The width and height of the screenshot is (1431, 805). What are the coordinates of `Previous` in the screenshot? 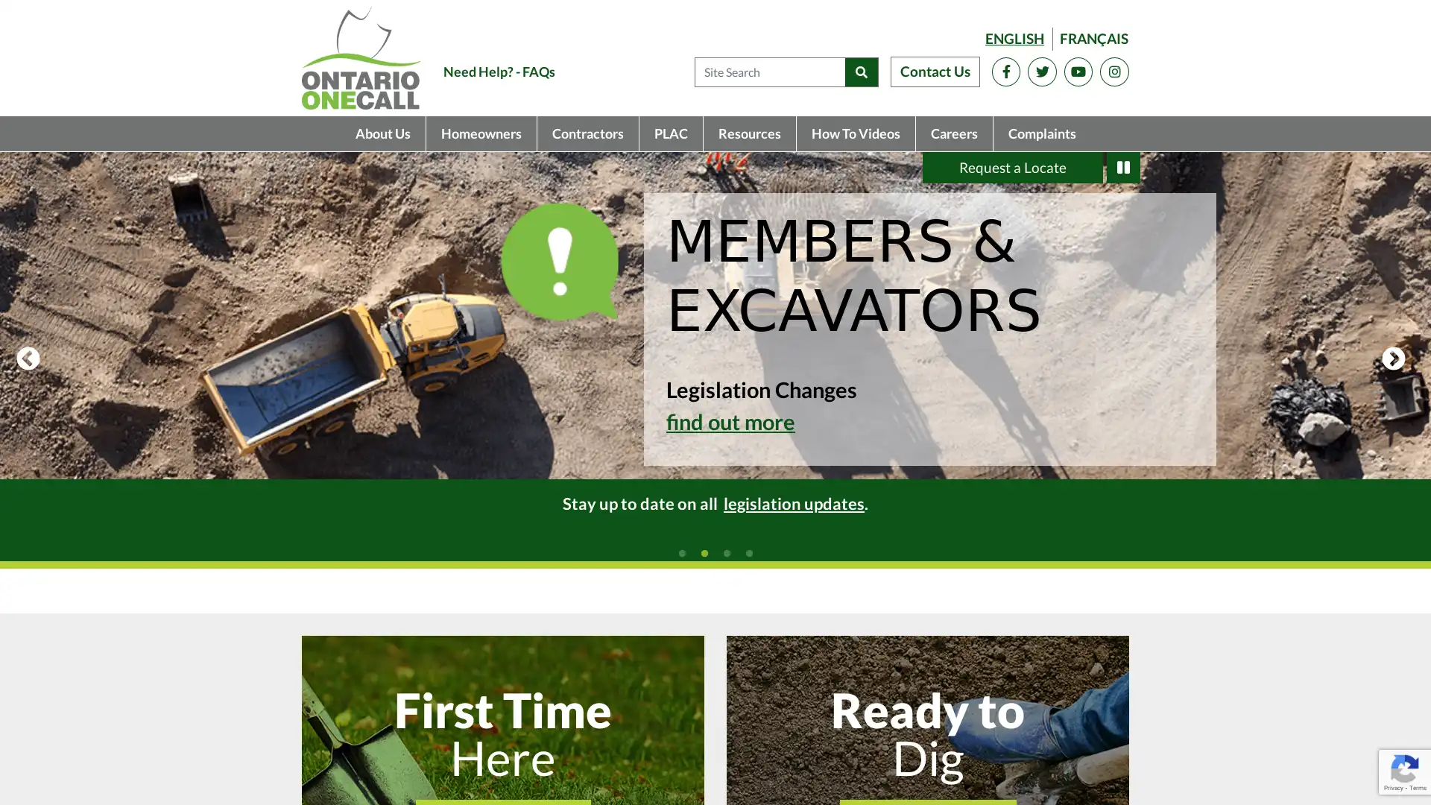 It's located at (28, 359).